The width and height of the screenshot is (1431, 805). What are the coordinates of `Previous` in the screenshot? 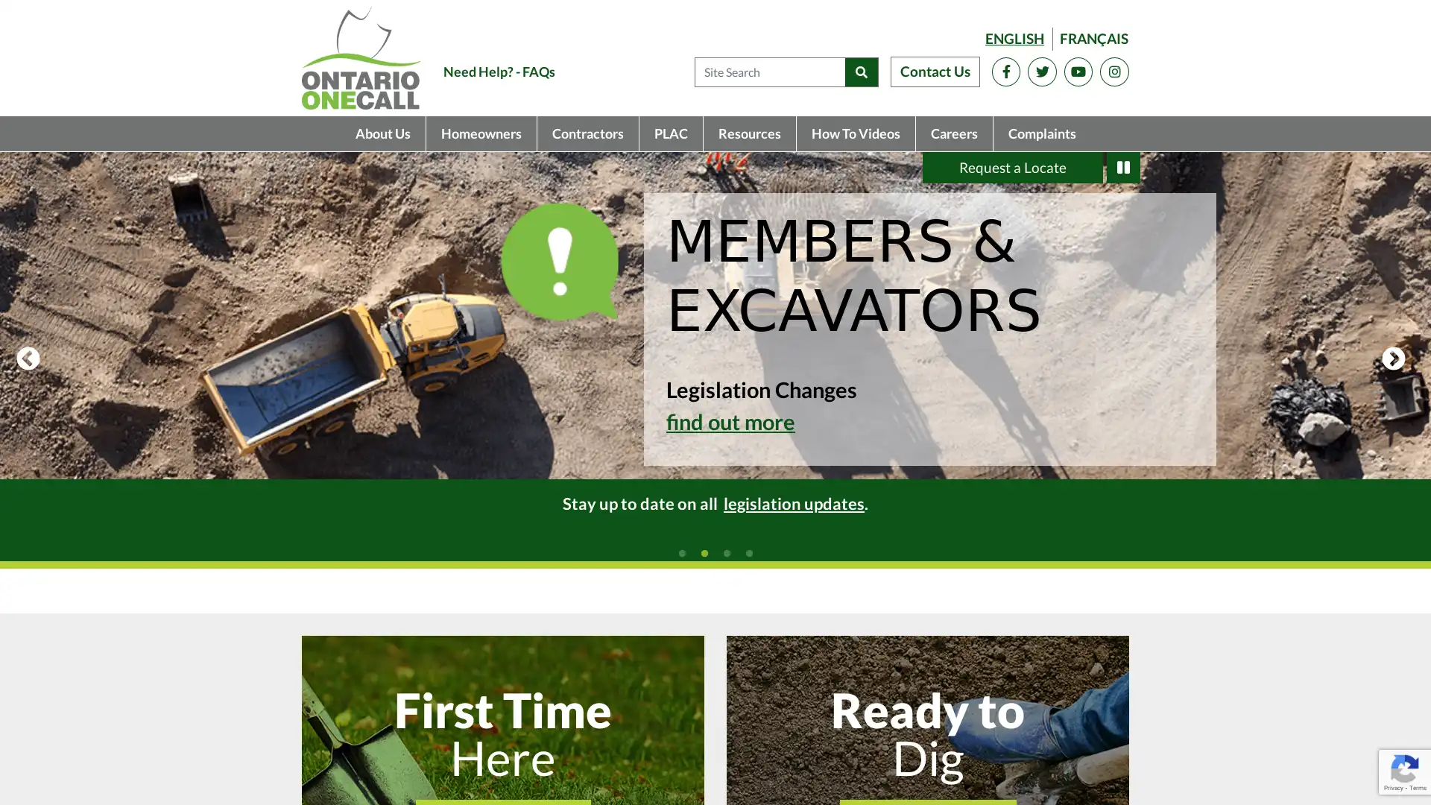 It's located at (28, 359).